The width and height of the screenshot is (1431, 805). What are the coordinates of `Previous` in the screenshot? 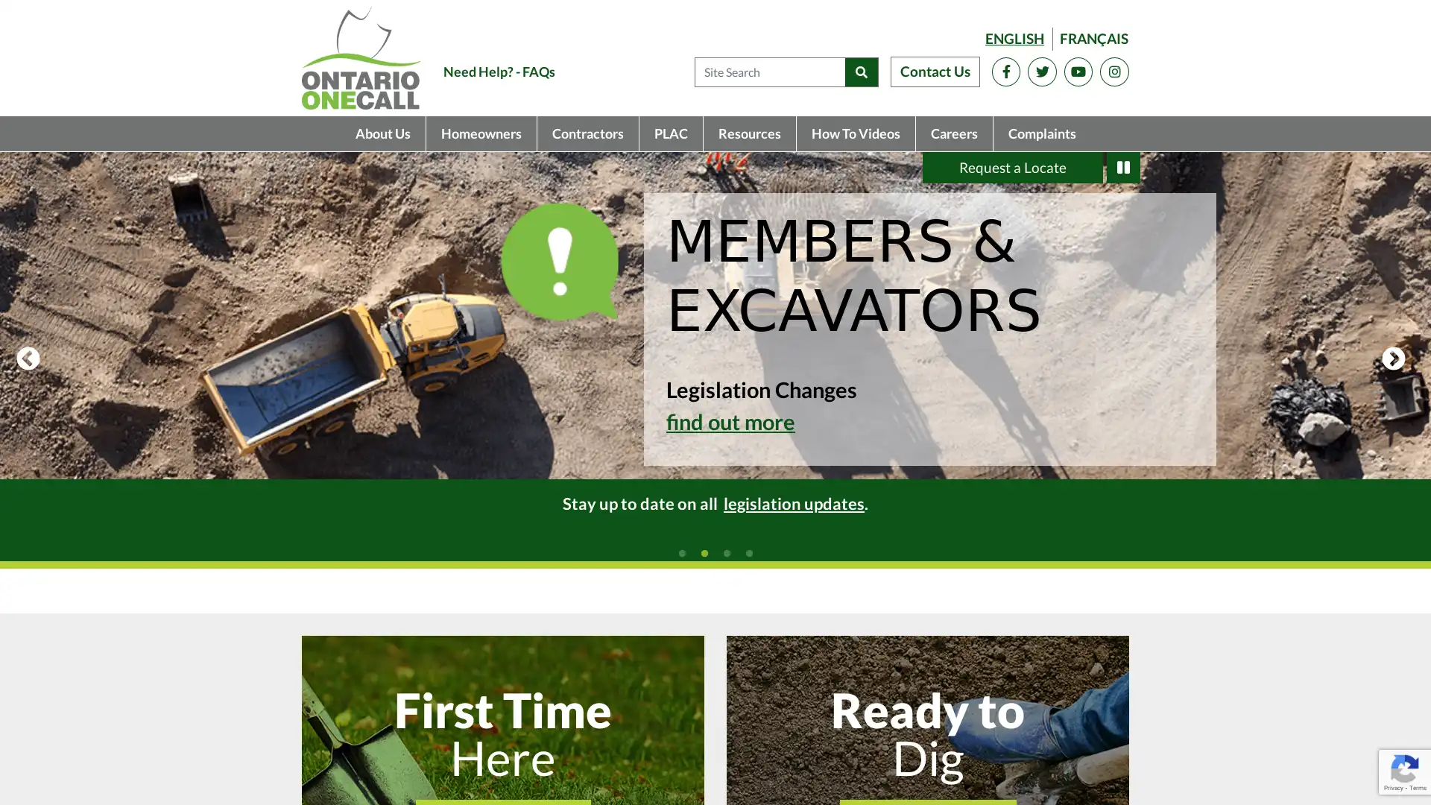 It's located at (28, 359).